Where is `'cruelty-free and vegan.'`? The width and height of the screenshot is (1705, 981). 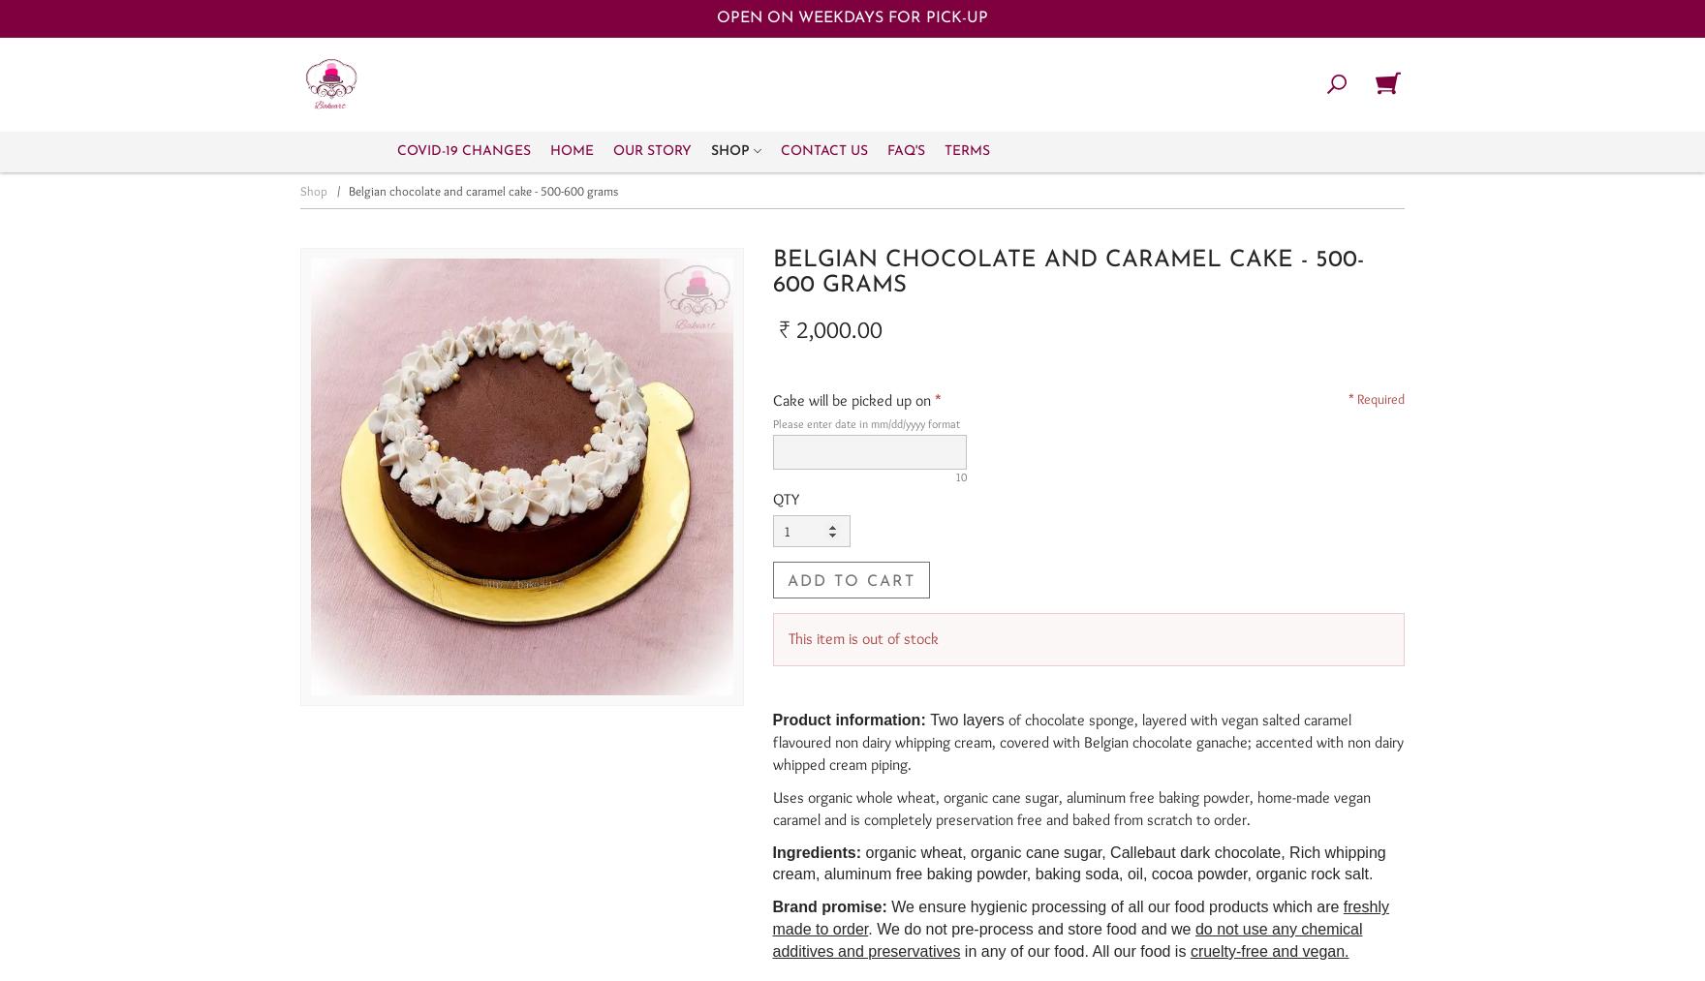 'cruelty-free and vegan.' is located at coordinates (1267, 950).